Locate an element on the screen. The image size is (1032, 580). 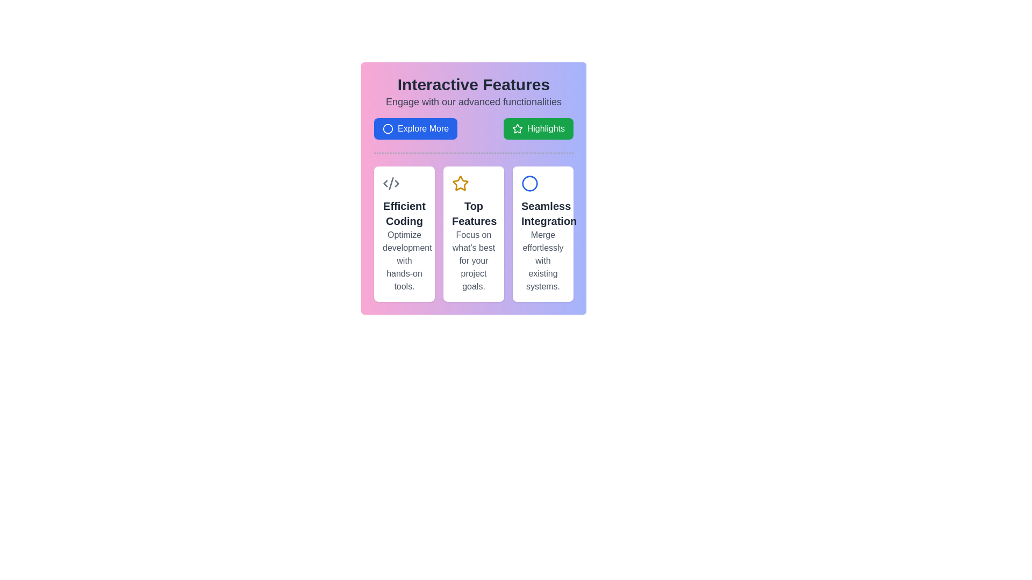
the 'Explore More' button using keyboard navigation is located at coordinates (415, 128).